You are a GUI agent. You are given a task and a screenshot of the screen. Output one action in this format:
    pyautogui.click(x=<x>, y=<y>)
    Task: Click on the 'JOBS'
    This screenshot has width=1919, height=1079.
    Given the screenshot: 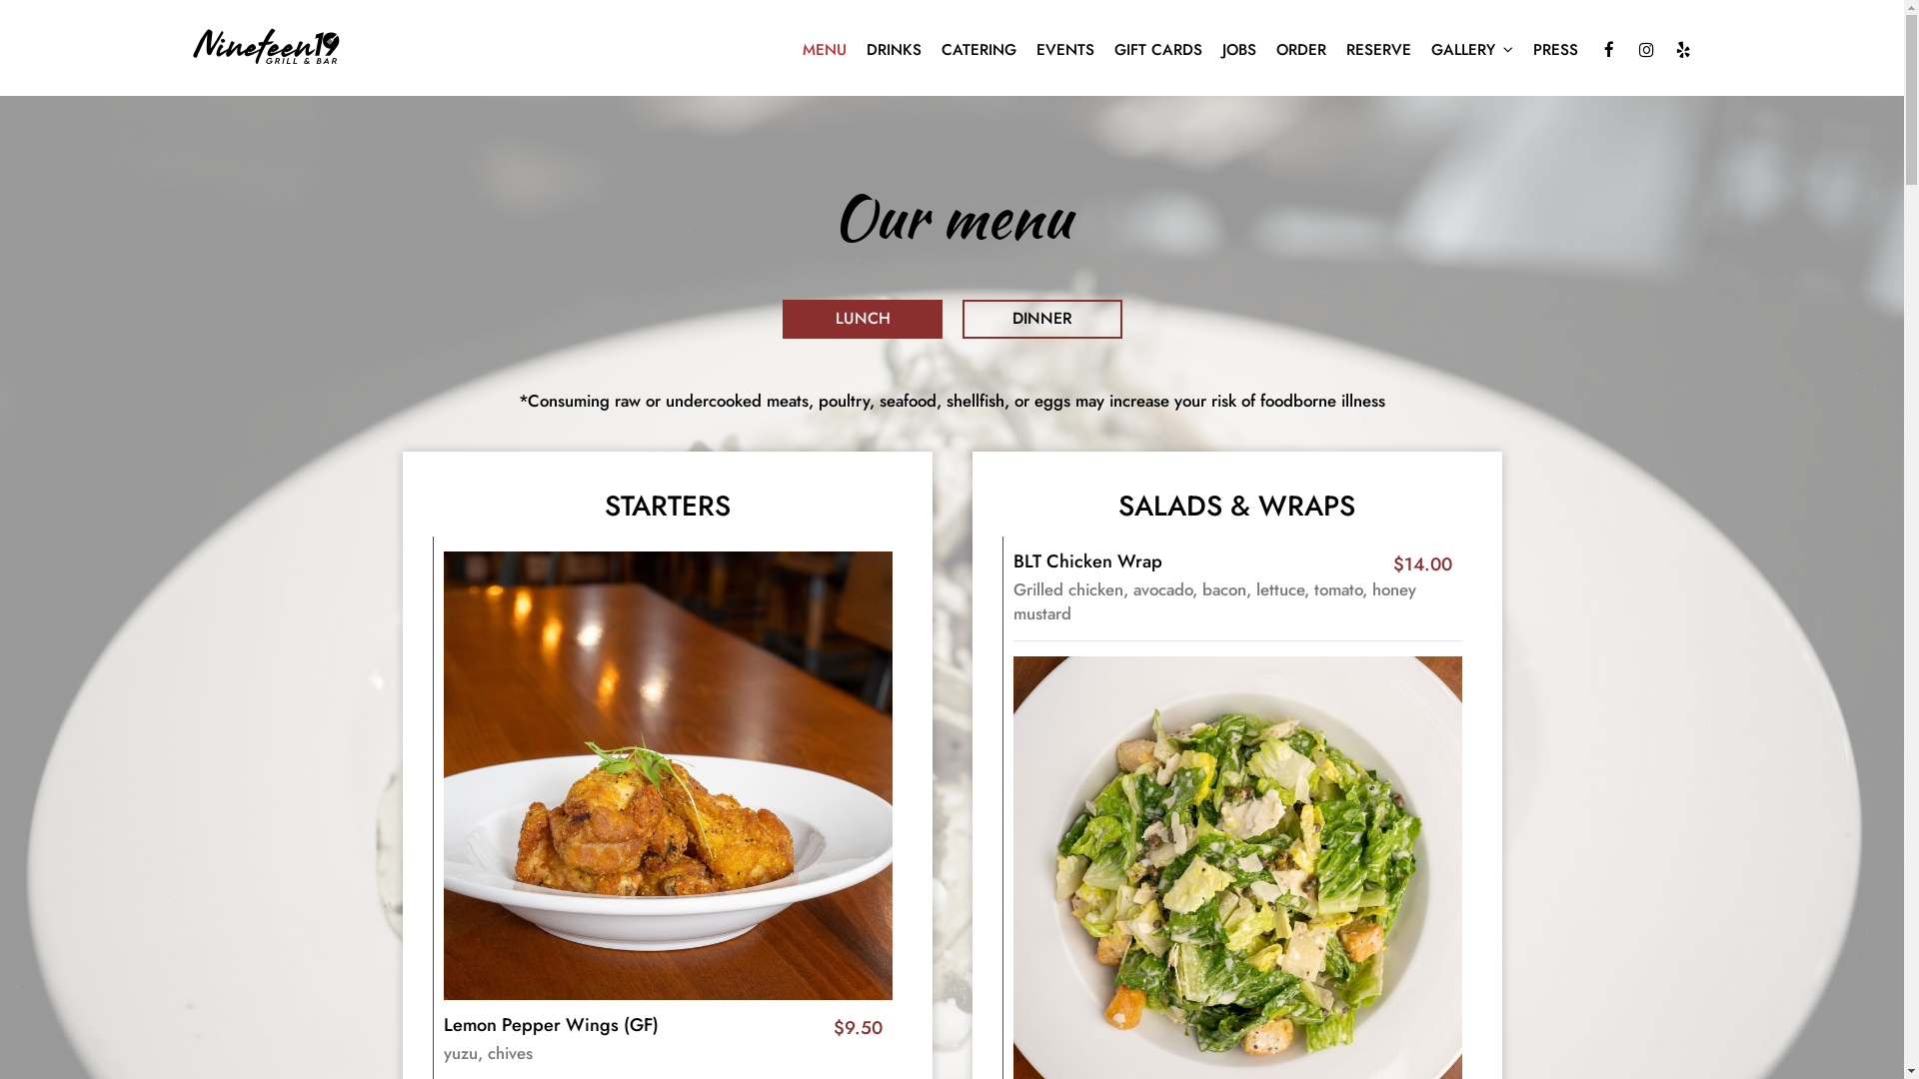 What is the action you would take?
    pyautogui.click(x=1236, y=49)
    